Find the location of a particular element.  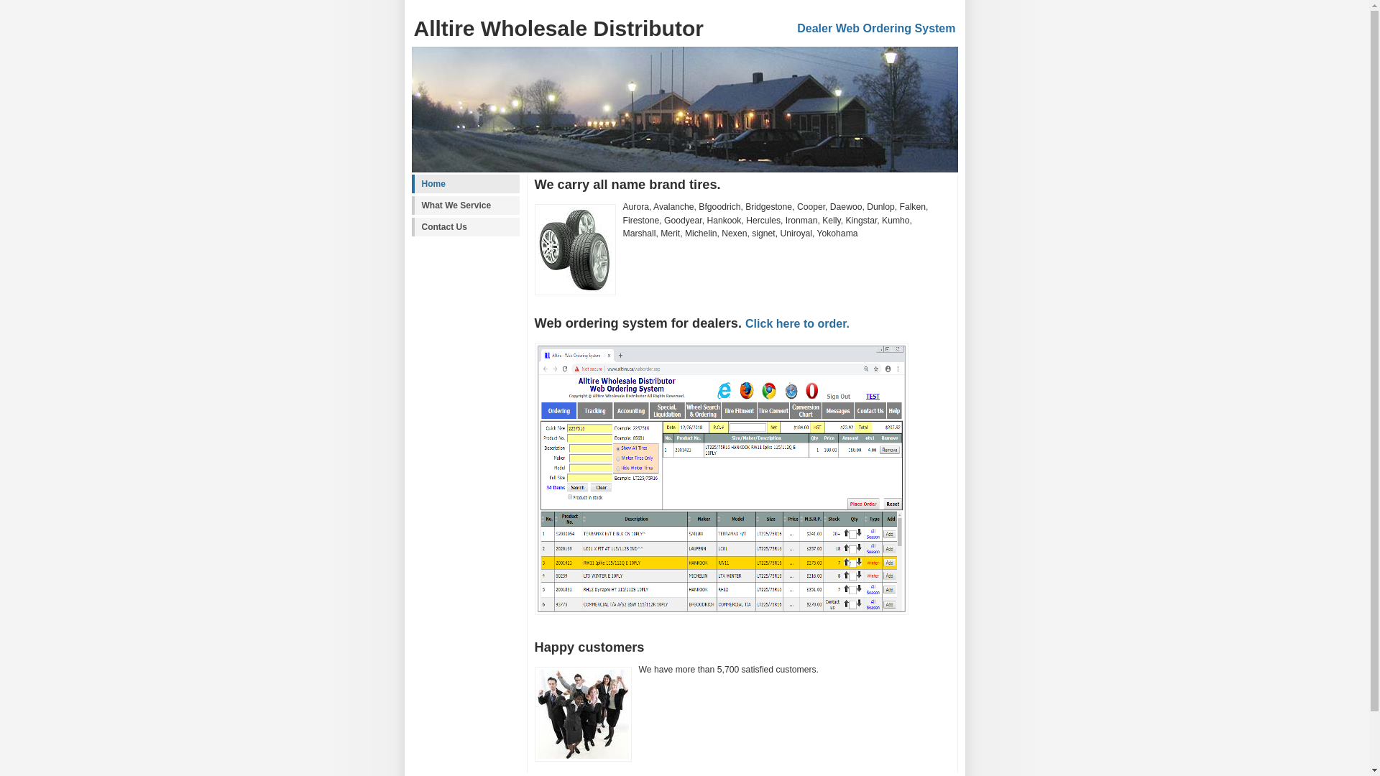

'What We Service' is located at coordinates (465, 205).